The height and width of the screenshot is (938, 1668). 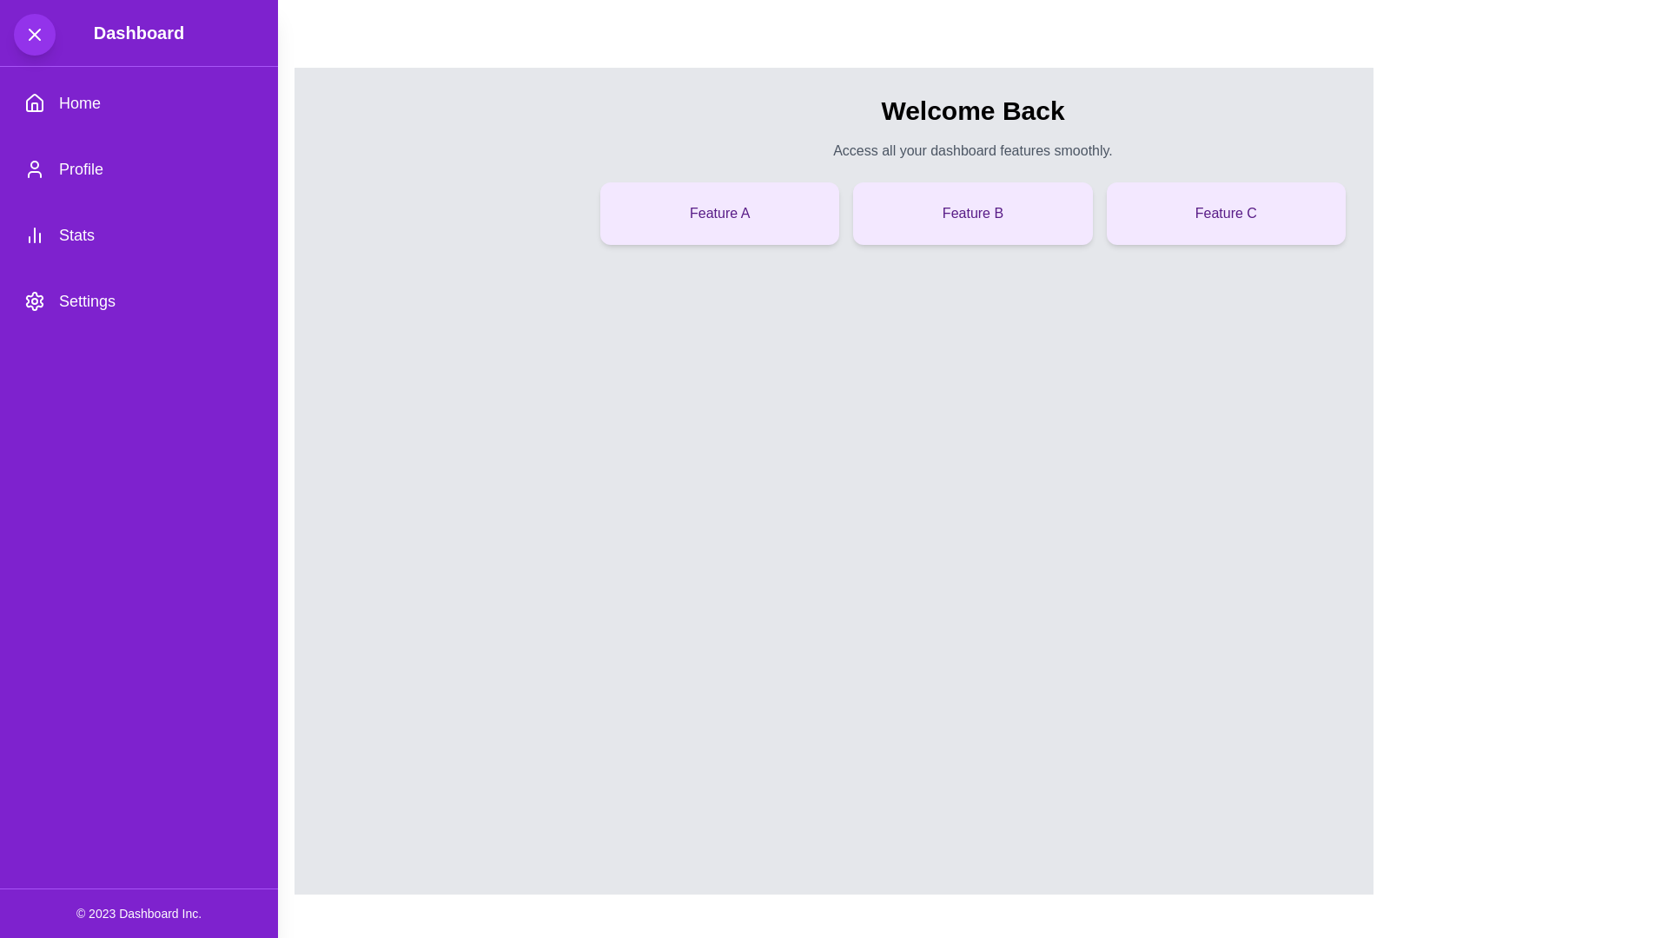 What do you see at coordinates (34, 107) in the screenshot?
I see `the door element of the house icon located in the left-hand vertical navigation menu, positioned towards the bottom-center of the icon` at bounding box center [34, 107].